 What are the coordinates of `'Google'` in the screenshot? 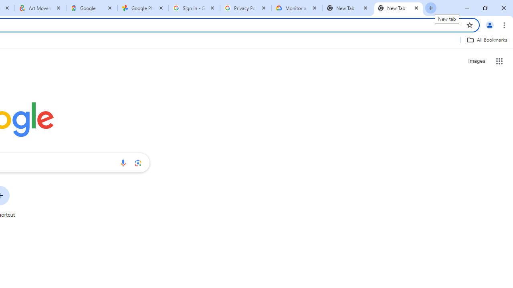 It's located at (92, 8).